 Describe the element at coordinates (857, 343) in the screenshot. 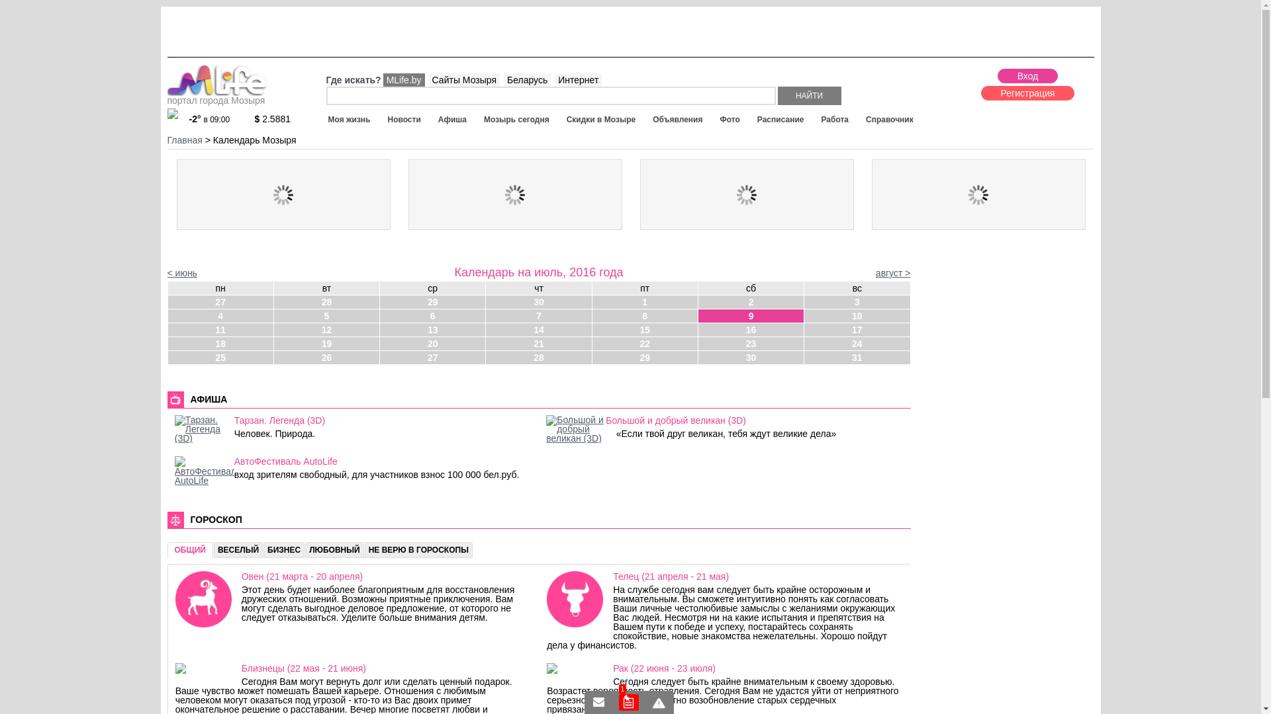

I see `'24'` at that location.